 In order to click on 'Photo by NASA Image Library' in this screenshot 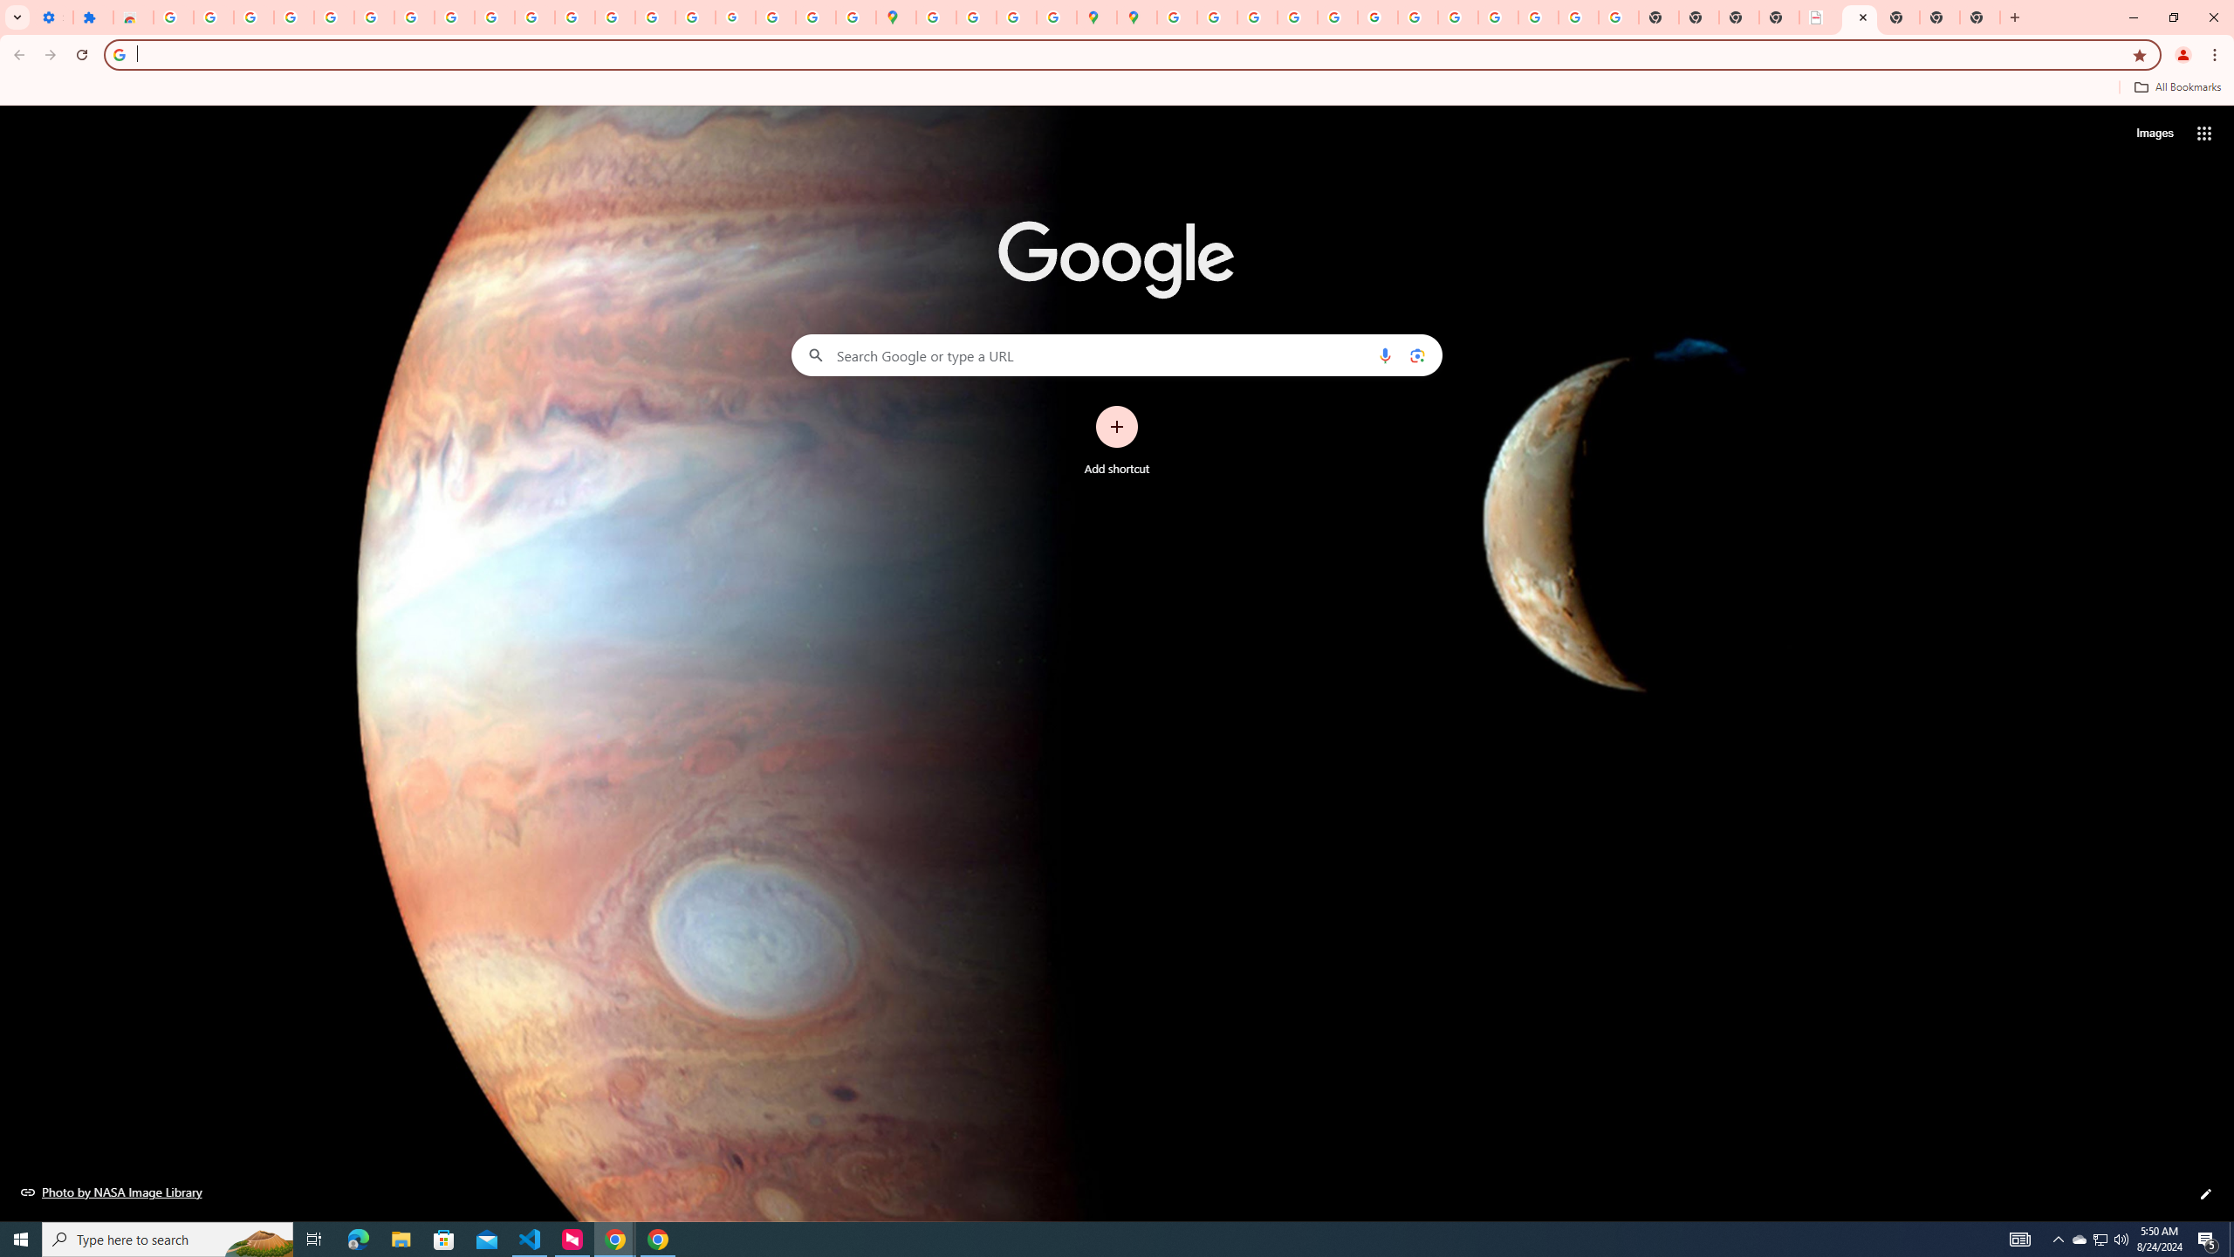, I will do `click(111, 1191)`.